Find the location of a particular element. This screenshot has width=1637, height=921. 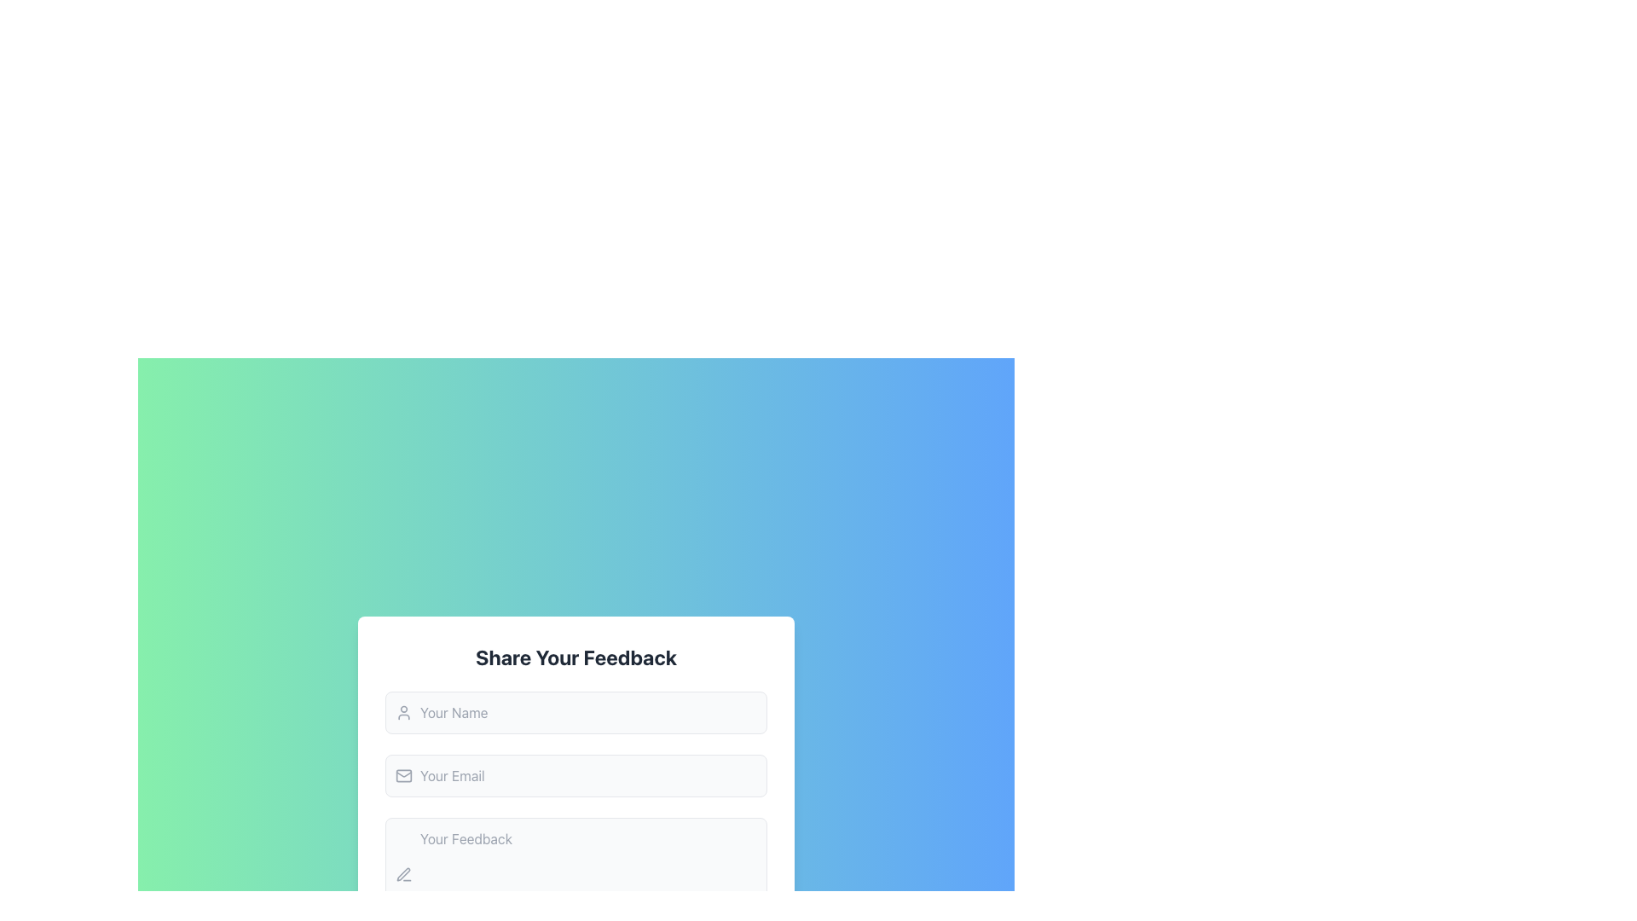

the small user icon, which is a light gray circular head and shoulders pictogram located to the left of the 'Your Name' input field is located at coordinates (403, 713).